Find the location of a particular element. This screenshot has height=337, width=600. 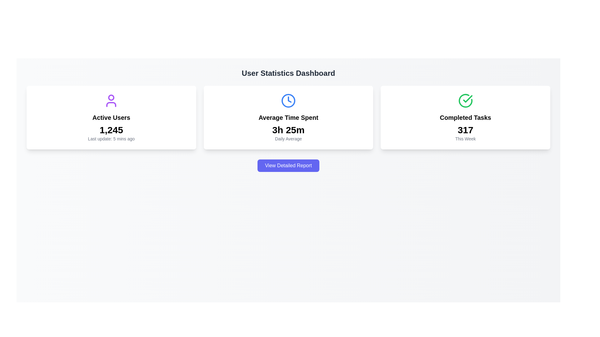

green checkmark SVG element located at the top-right corner of the 'Completed Tasks' card for debugging purposes is located at coordinates (467, 98).